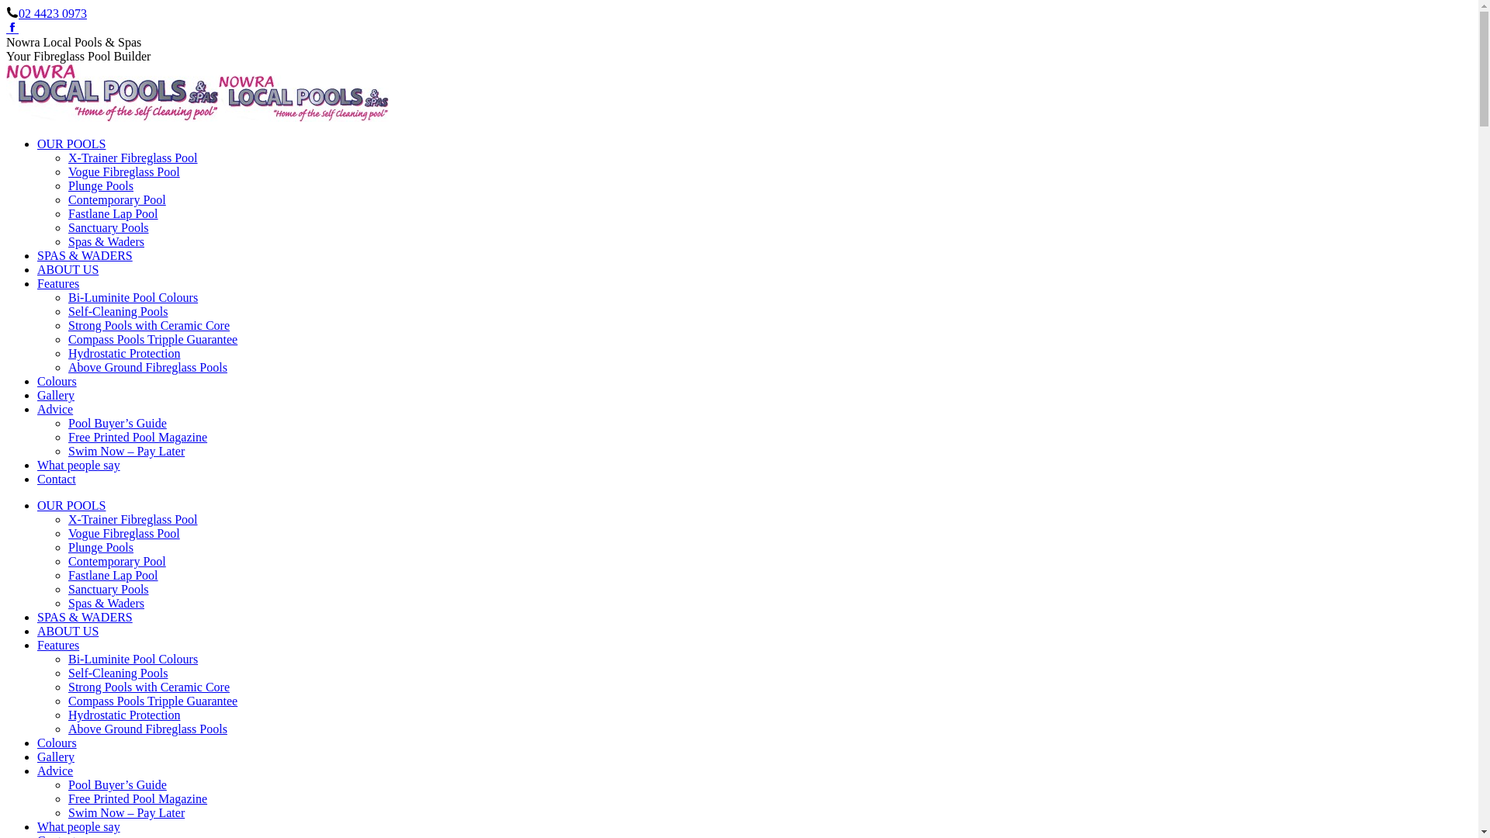  I want to click on '02 4423 0973', so click(52, 13).